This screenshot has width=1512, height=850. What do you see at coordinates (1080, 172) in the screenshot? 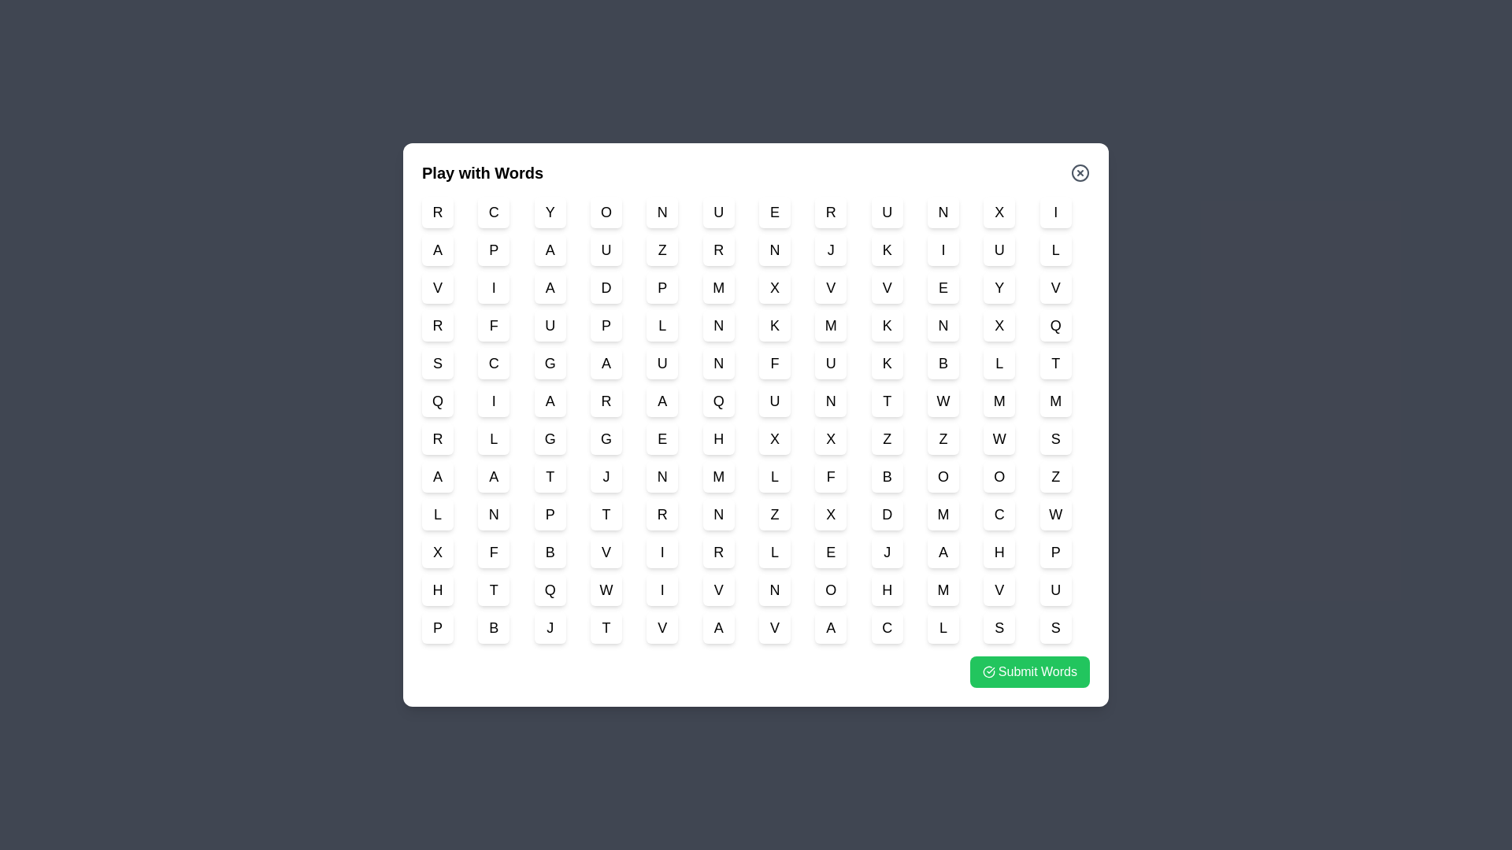
I see `the close button to dismiss the modal` at bounding box center [1080, 172].